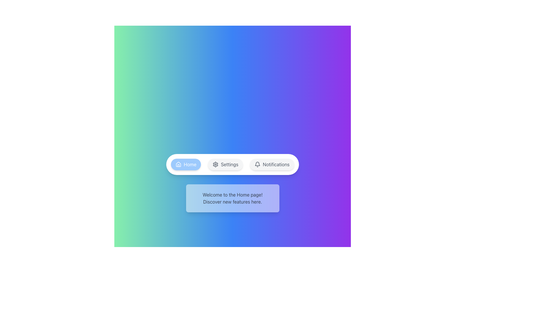  I want to click on the third button in the horizontal row of buttons to scale it slightly, so click(272, 164).